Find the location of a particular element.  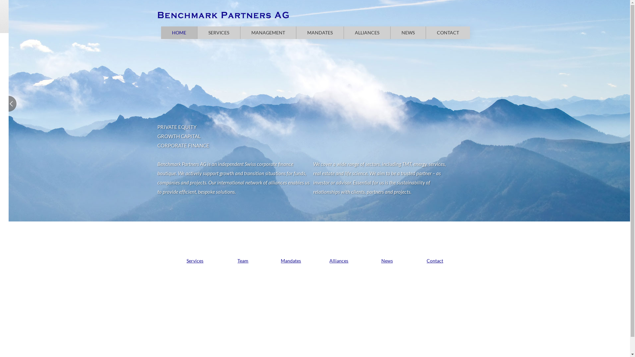

'Contact' is located at coordinates (435, 260).